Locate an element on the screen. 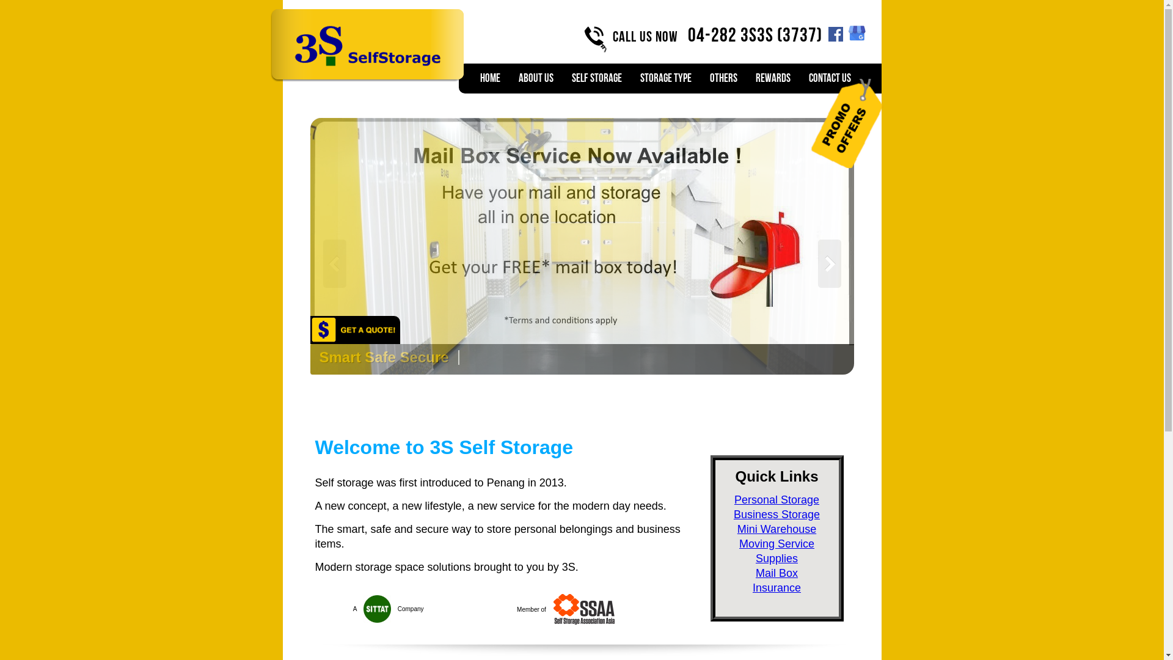 Image resolution: width=1173 pixels, height=660 pixels. 'Next' is located at coordinates (334, 263).